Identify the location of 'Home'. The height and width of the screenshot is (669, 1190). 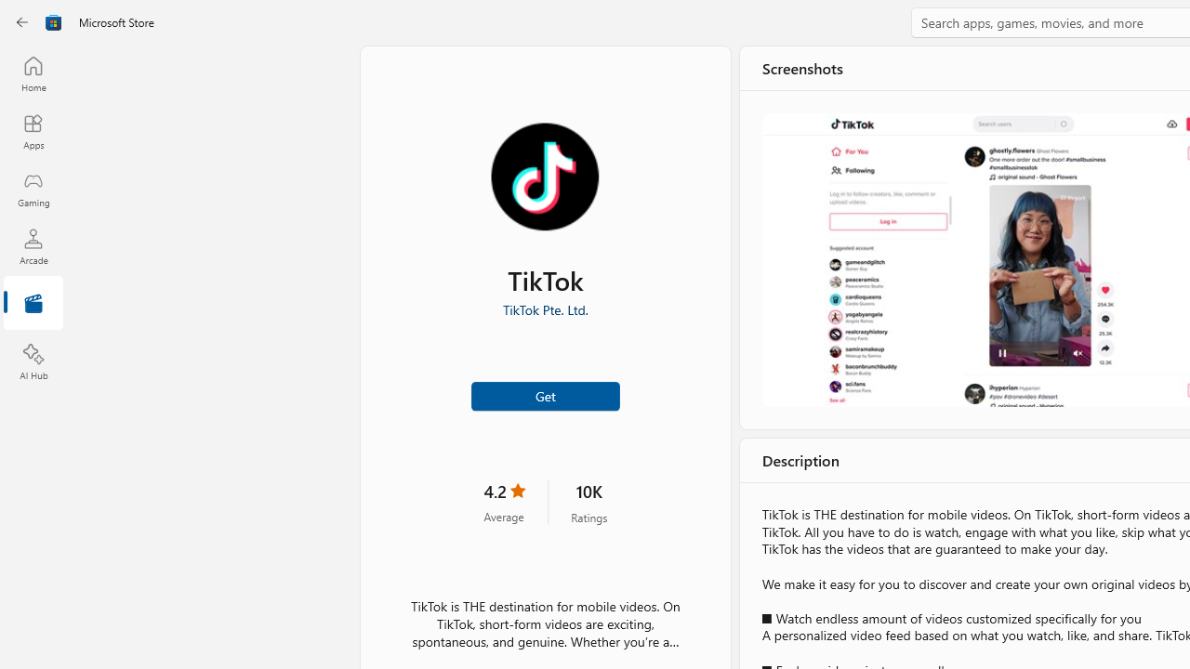
(33, 72).